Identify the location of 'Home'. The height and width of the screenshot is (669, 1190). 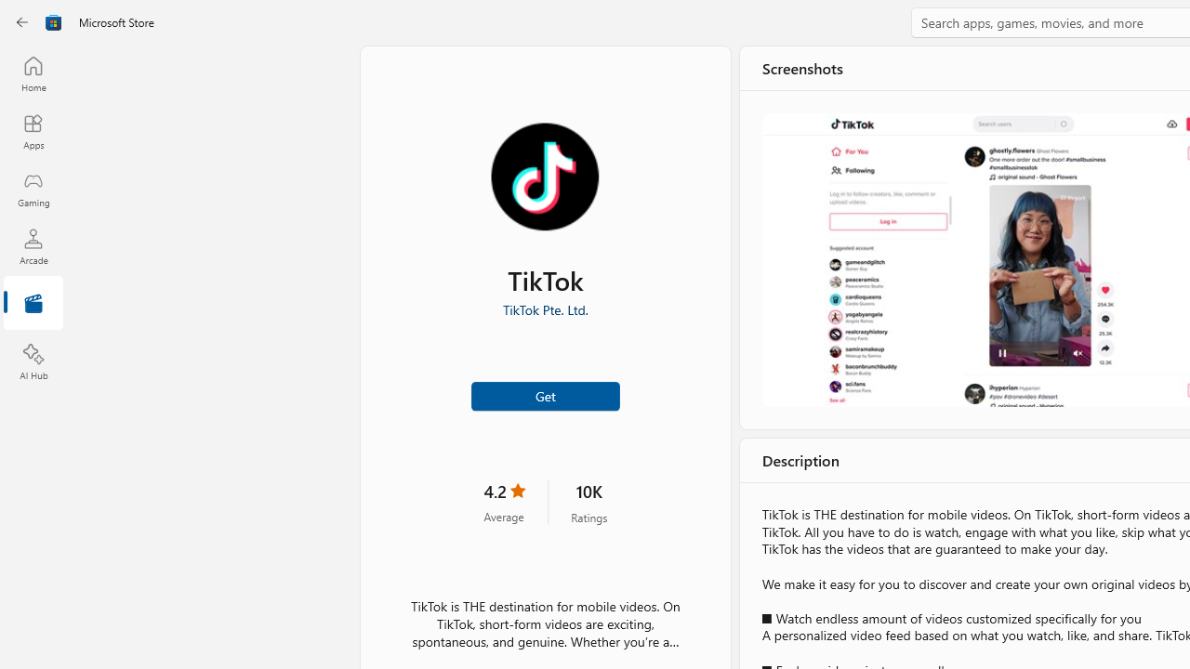
(33, 72).